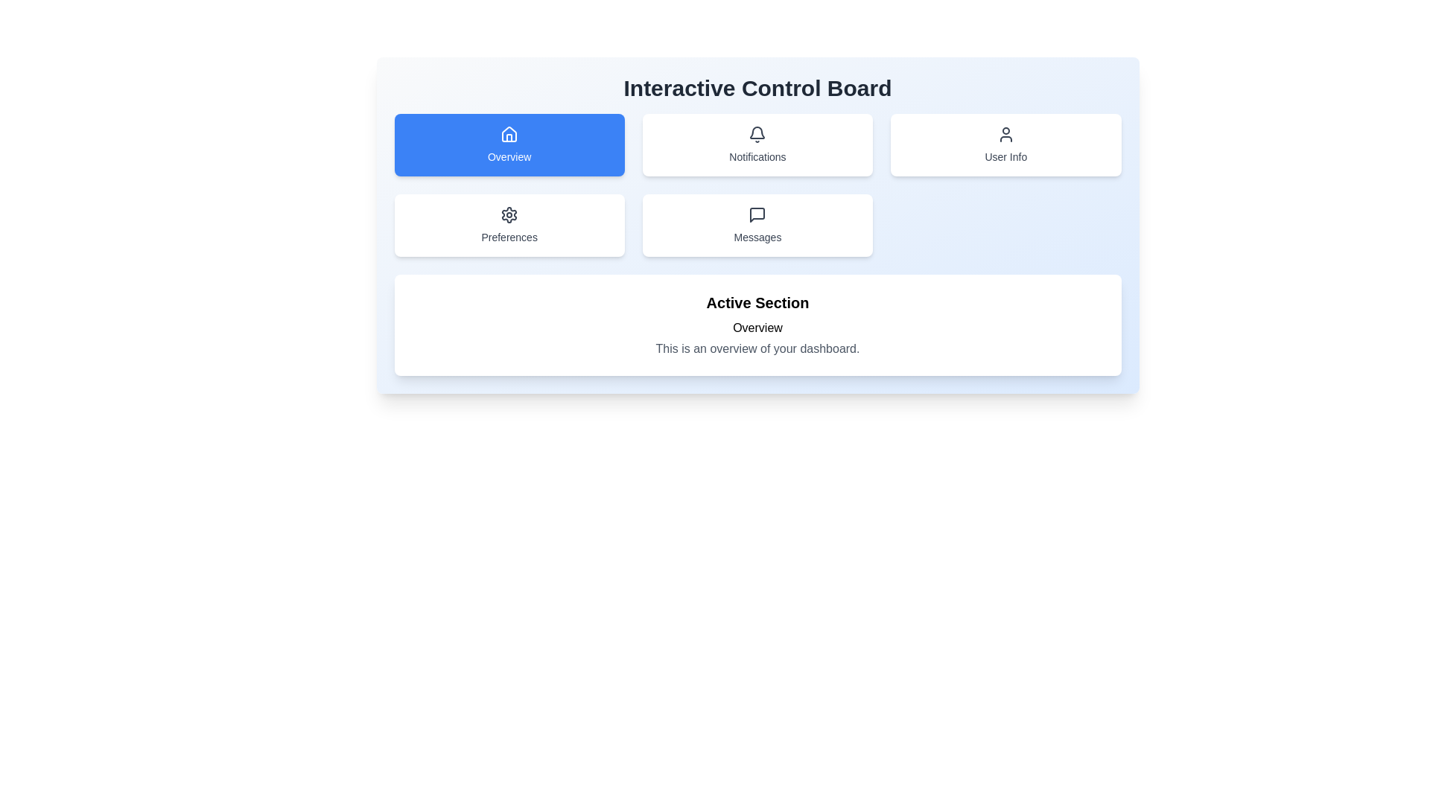 The width and height of the screenshot is (1430, 804). What do you see at coordinates (1005, 145) in the screenshot?
I see `the 'User Info' button, which is a rectangular button with rounded corners, a white background, and an icon of a person above the text 'User Info'` at bounding box center [1005, 145].